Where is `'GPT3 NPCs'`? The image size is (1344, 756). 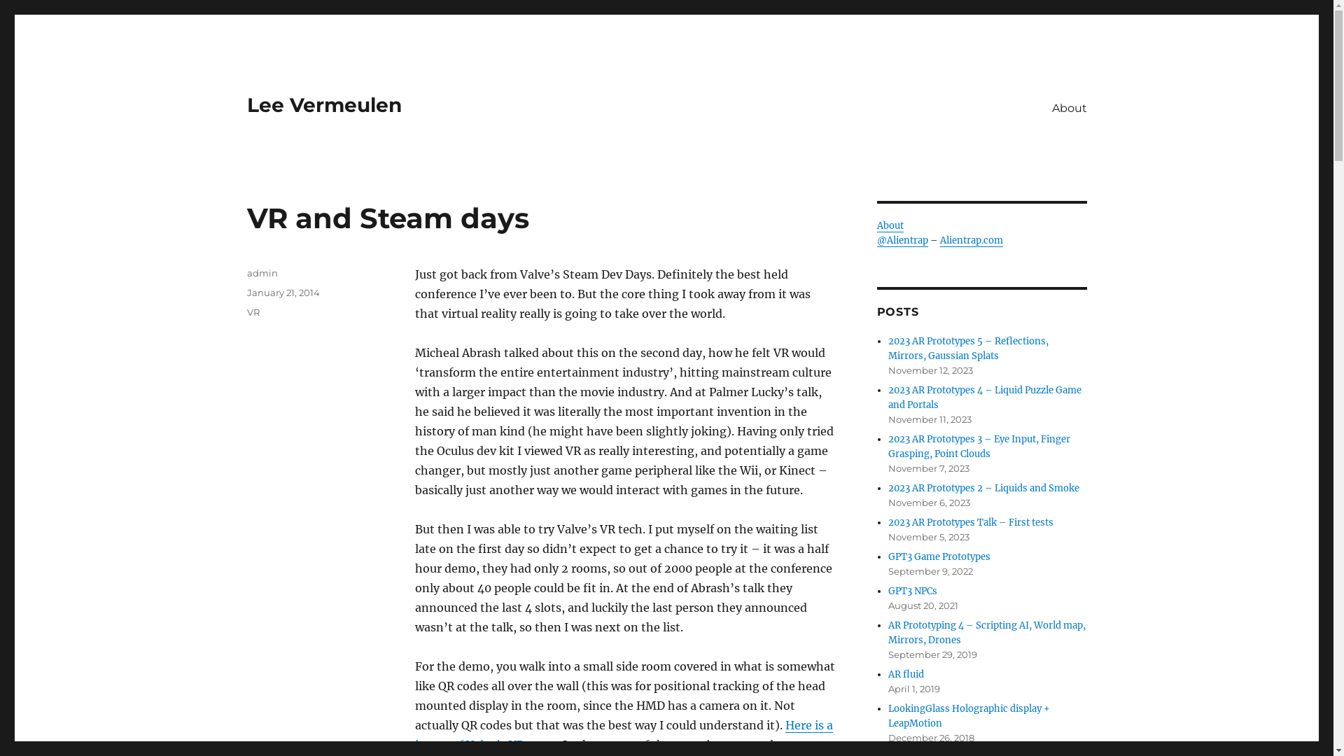
'GPT3 NPCs' is located at coordinates (913, 591).